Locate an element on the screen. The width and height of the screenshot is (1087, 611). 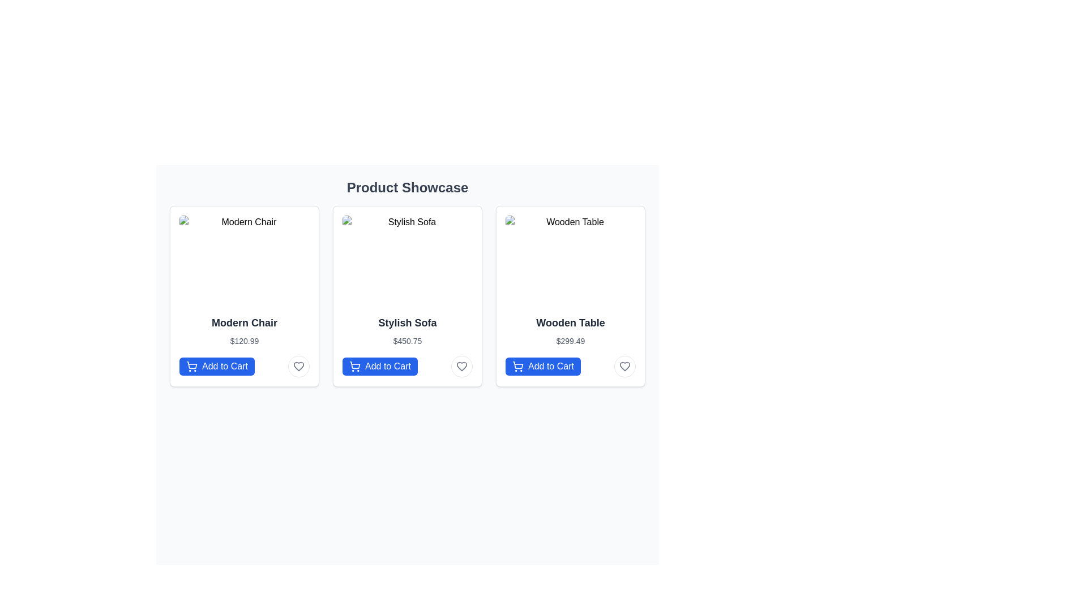
the interactive button for adding the 'Wooden Table' product to the shopping cart to activate the hover effect is located at coordinates (571, 367).